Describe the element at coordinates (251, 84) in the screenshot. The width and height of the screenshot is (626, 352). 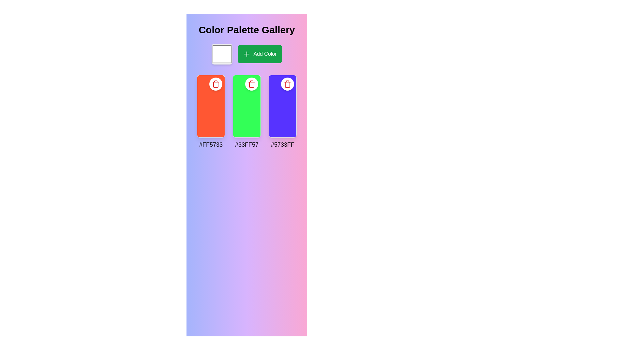
I see `the delete button located at the top-right corner of the green color card labeled '#33FF57' in the Color Palette Gallery` at that location.